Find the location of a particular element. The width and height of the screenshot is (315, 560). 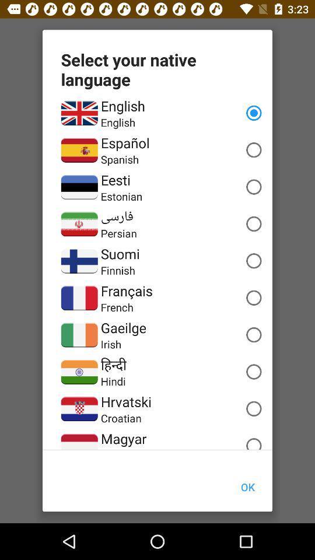

the suomi icon is located at coordinates (120, 254).